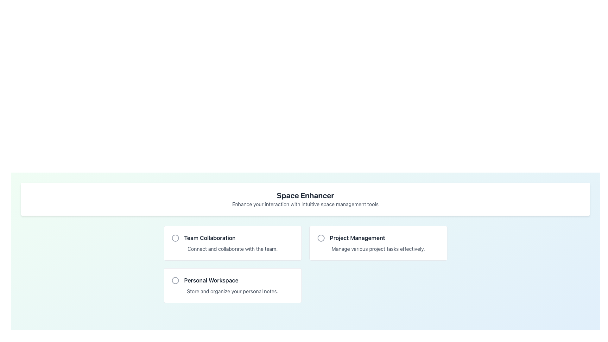 The height and width of the screenshot is (342, 608). Describe the element at coordinates (321, 238) in the screenshot. I see `the decorative circular icon located at the center of the right-hand 'Project Management' option within the list of features` at that location.